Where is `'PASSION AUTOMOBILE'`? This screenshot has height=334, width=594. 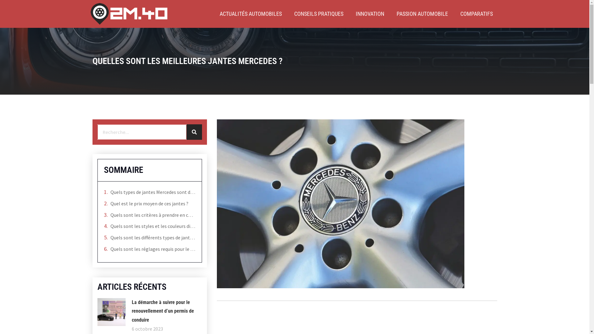 'PASSION AUTOMOBILE' is located at coordinates (422, 14).